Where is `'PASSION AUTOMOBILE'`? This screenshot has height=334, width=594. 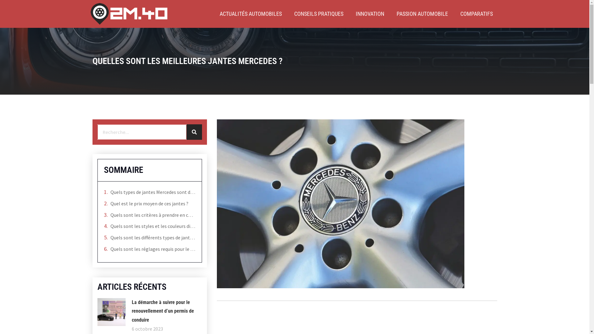 'PASSION AUTOMOBILE' is located at coordinates (422, 14).